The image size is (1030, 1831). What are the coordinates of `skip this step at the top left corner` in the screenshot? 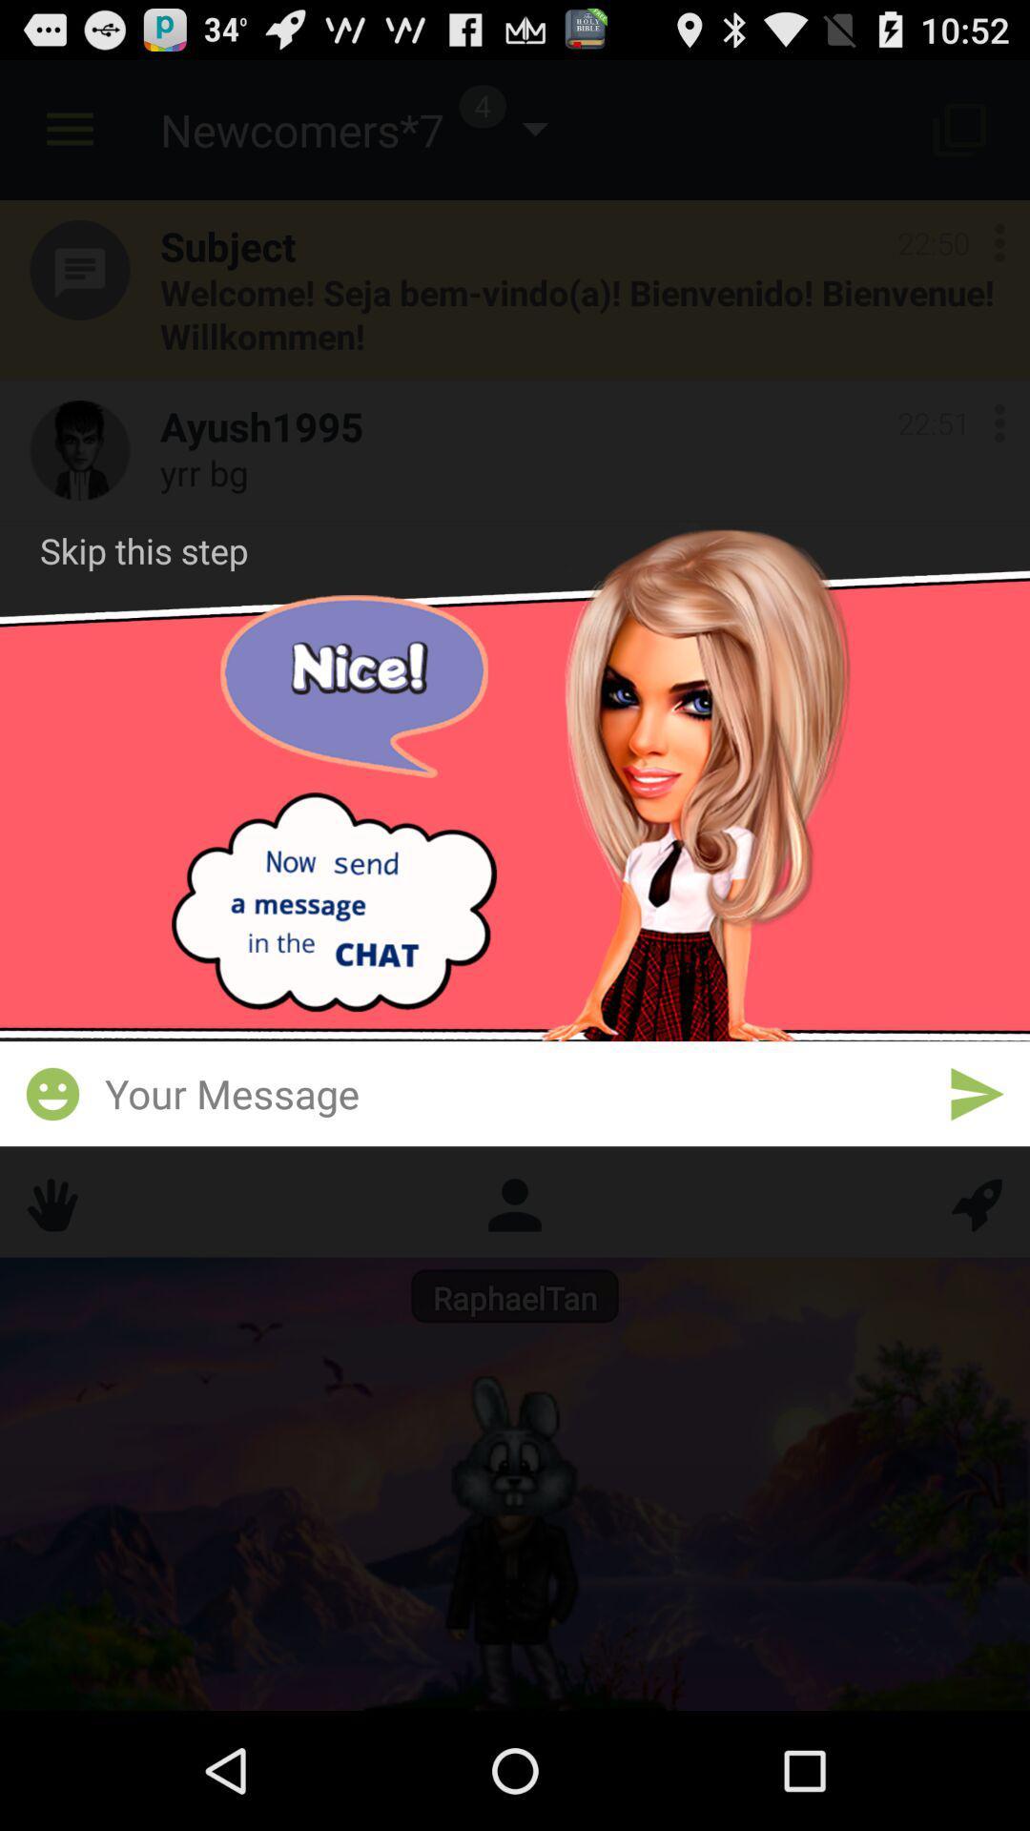 It's located at (143, 549).